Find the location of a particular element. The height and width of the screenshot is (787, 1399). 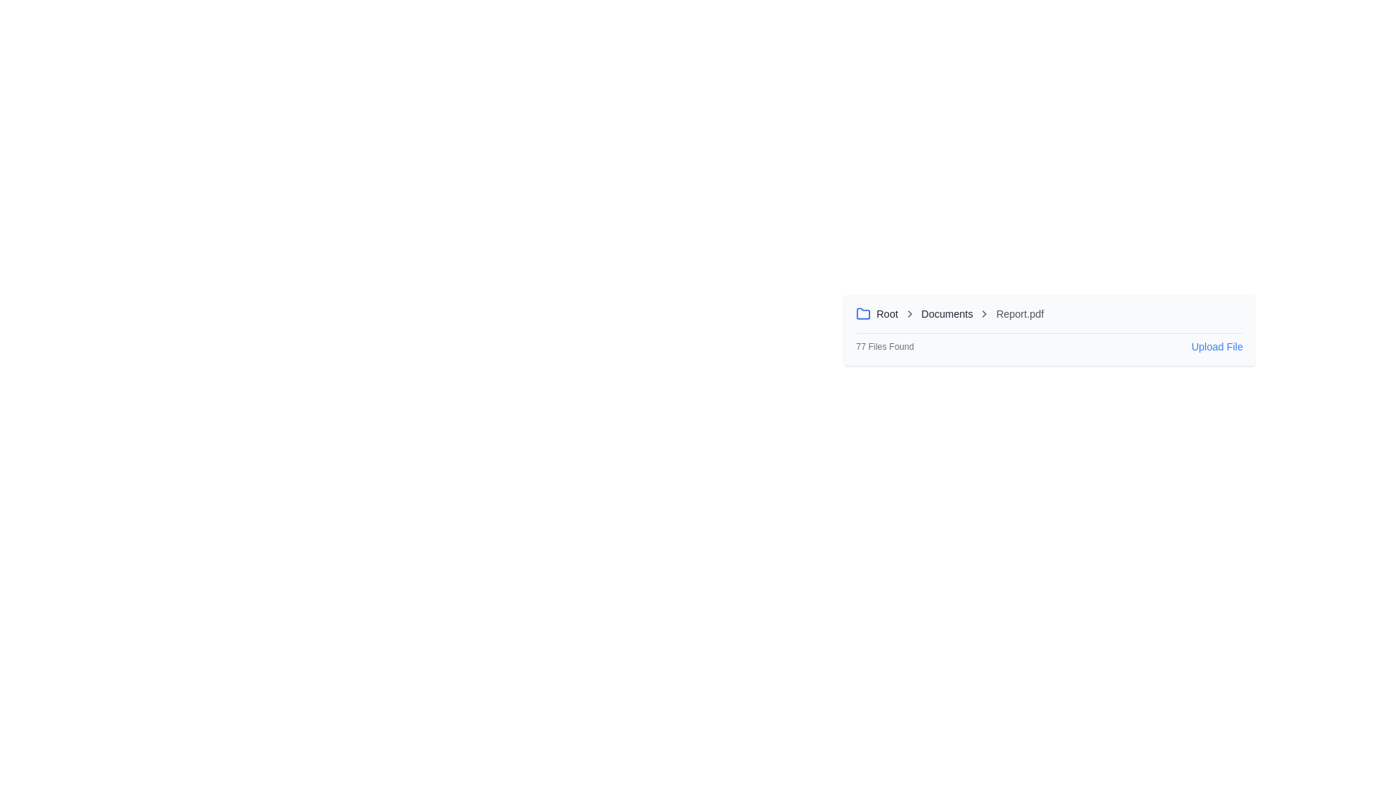

the text label displaying 'Root' in the breadcrumb navigation bar, which is positioned to the right of a folder icon and to the left of a right-arrow icon is located at coordinates (886, 313).